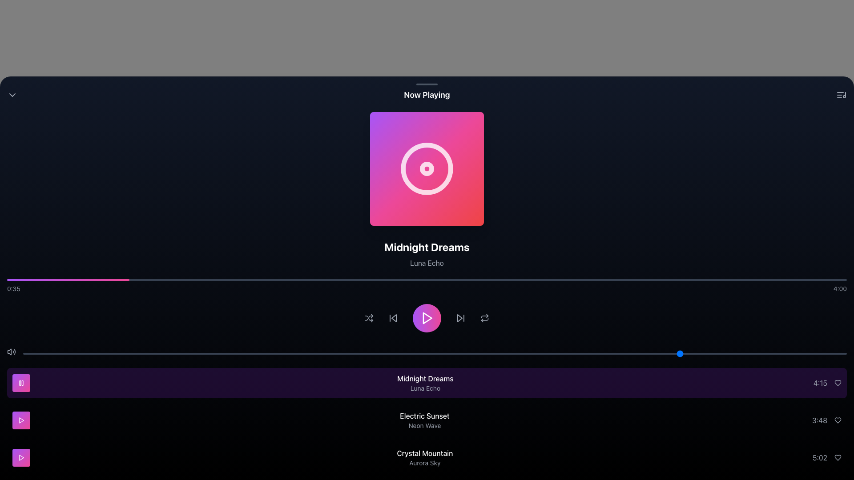 The width and height of the screenshot is (854, 480). What do you see at coordinates (237, 353) in the screenshot?
I see `the slider value` at bounding box center [237, 353].